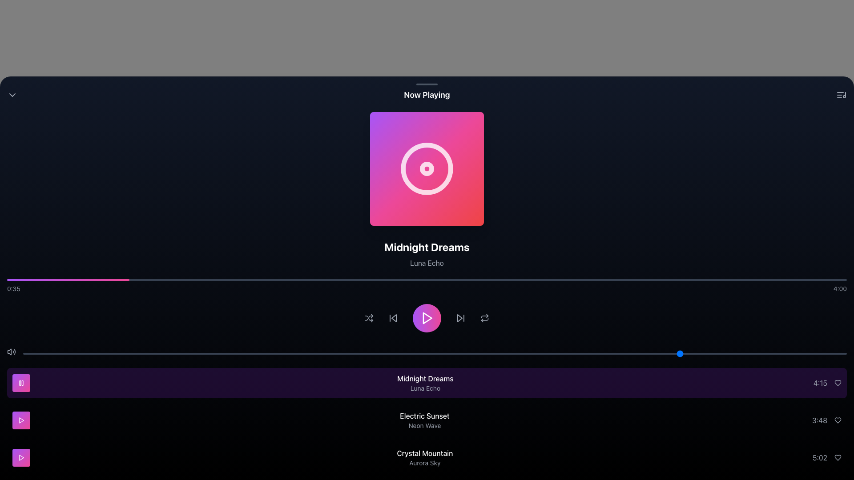 The width and height of the screenshot is (854, 480). What do you see at coordinates (237, 353) in the screenshot?
I see `the slider value` at bounding box center [237, 353].